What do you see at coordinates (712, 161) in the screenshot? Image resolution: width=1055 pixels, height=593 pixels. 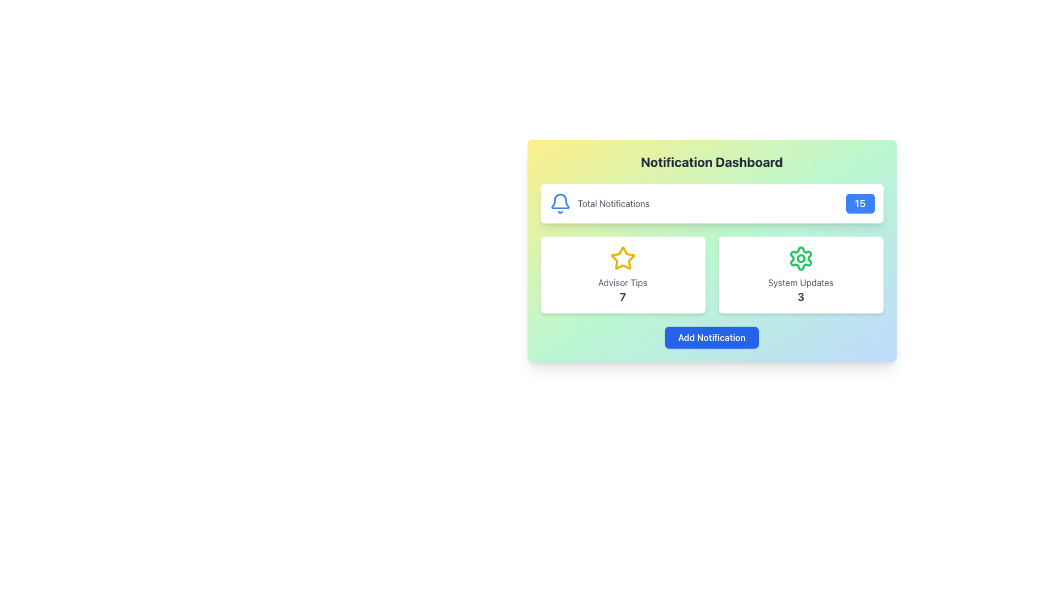 I see `text of the header label located at the top of the dashboard, which indicates the purpose of the displayed content` at bounding box center [712, 161].